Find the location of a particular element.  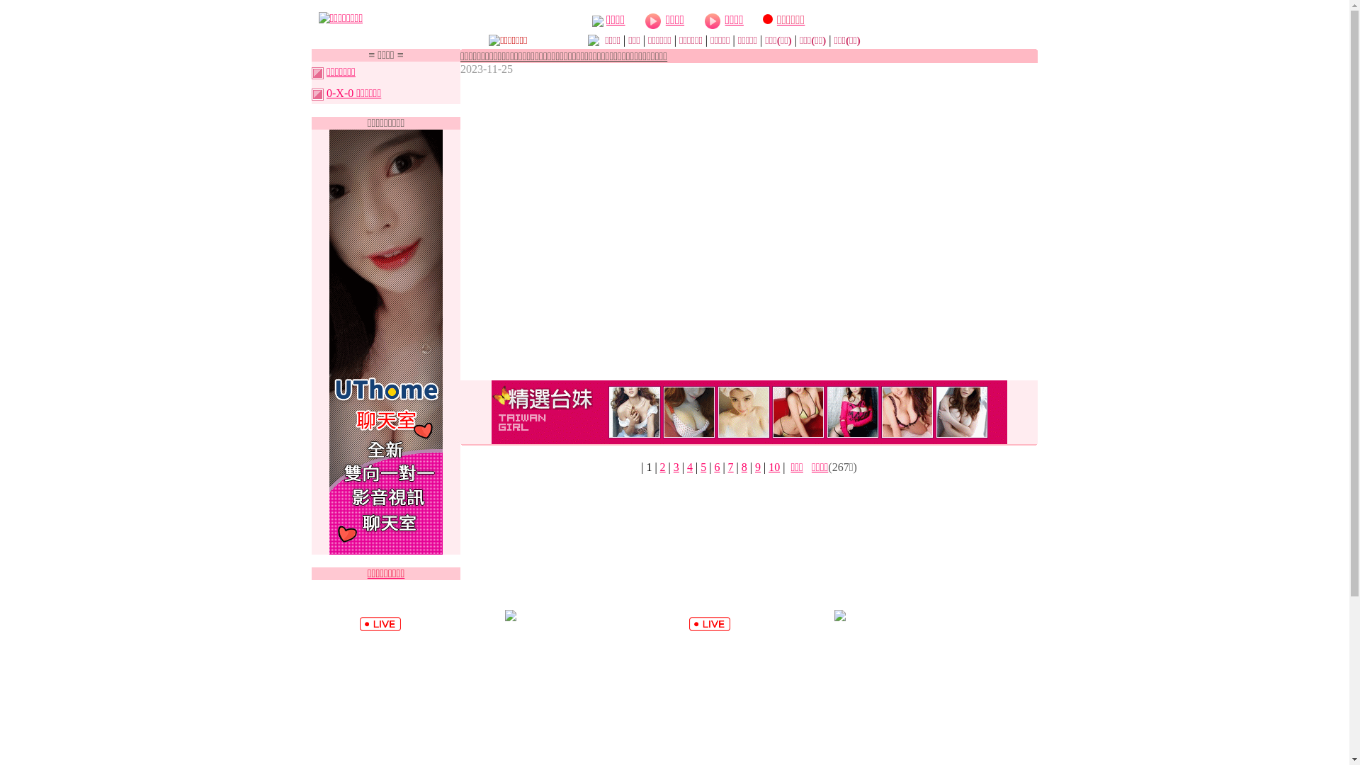

'4' is located at coordinates (690, 467).